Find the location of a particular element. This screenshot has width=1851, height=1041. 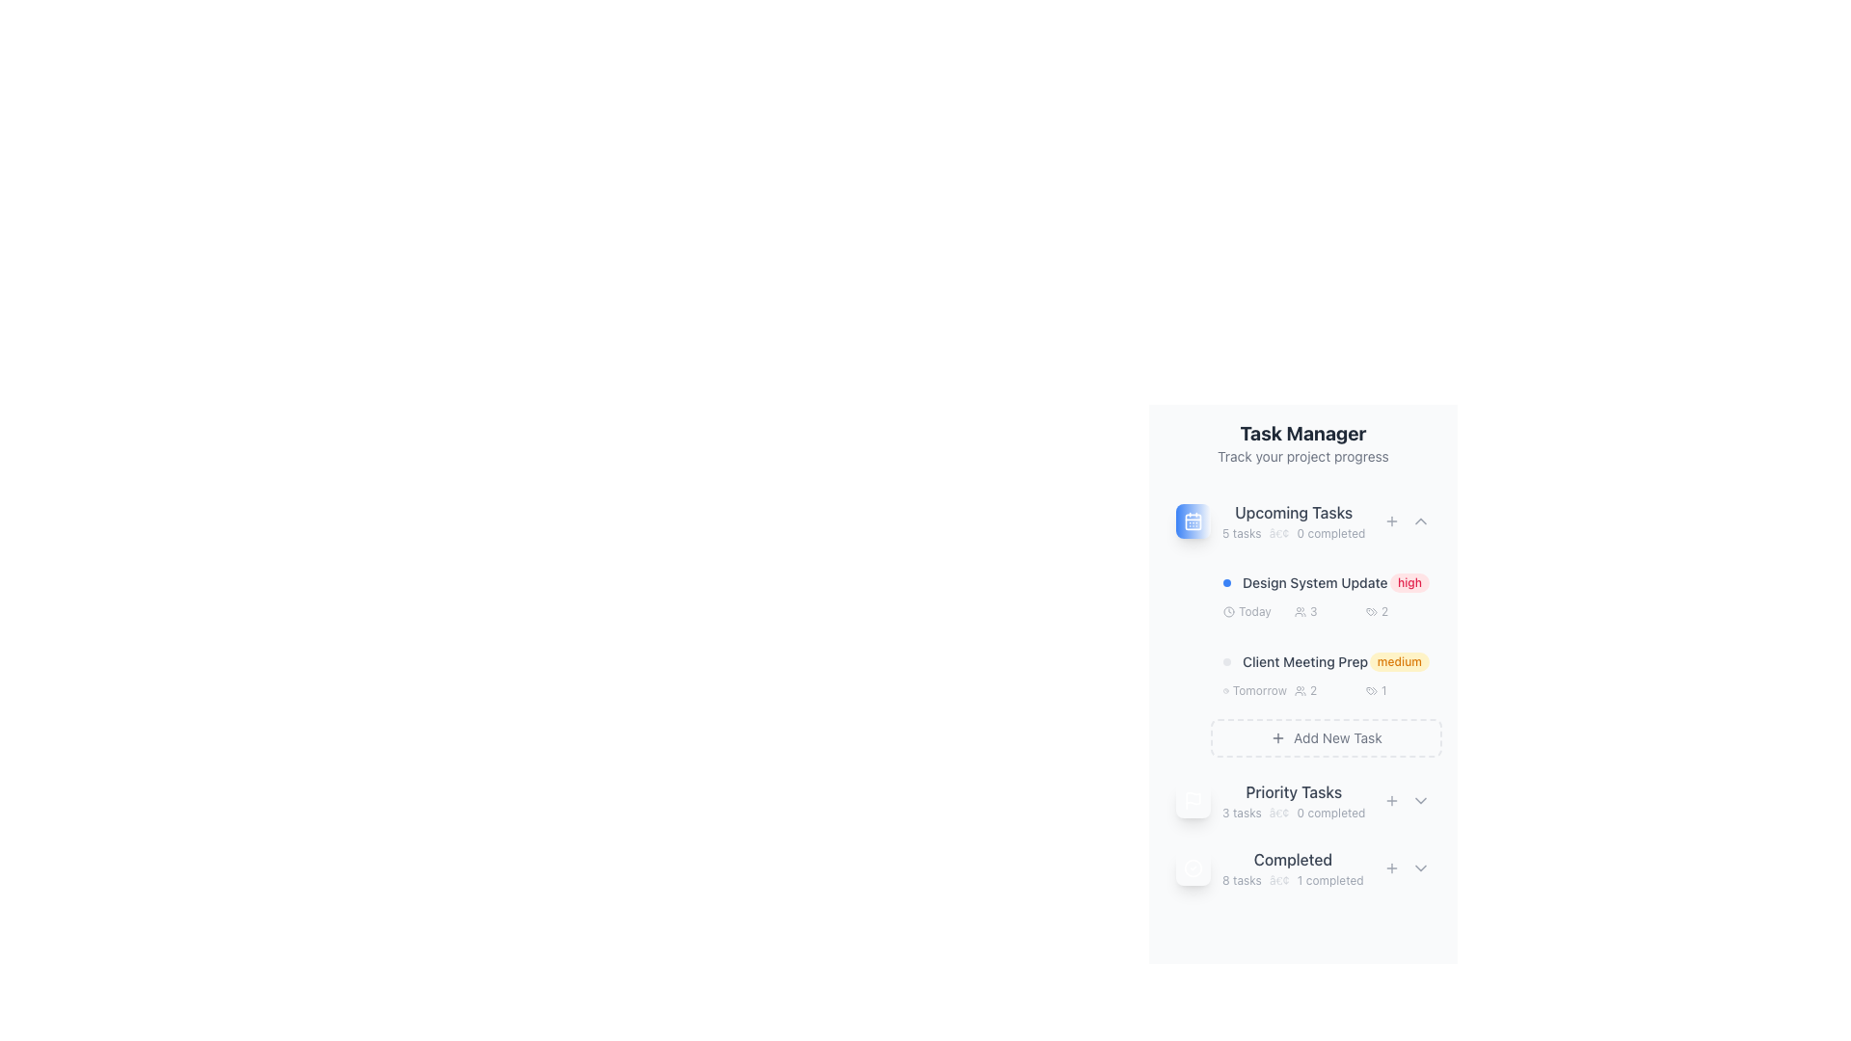

the static text label that serves as a heading for the task tracking section, located at the top of the sidebar-like section is located at coordinates (1303, 434).